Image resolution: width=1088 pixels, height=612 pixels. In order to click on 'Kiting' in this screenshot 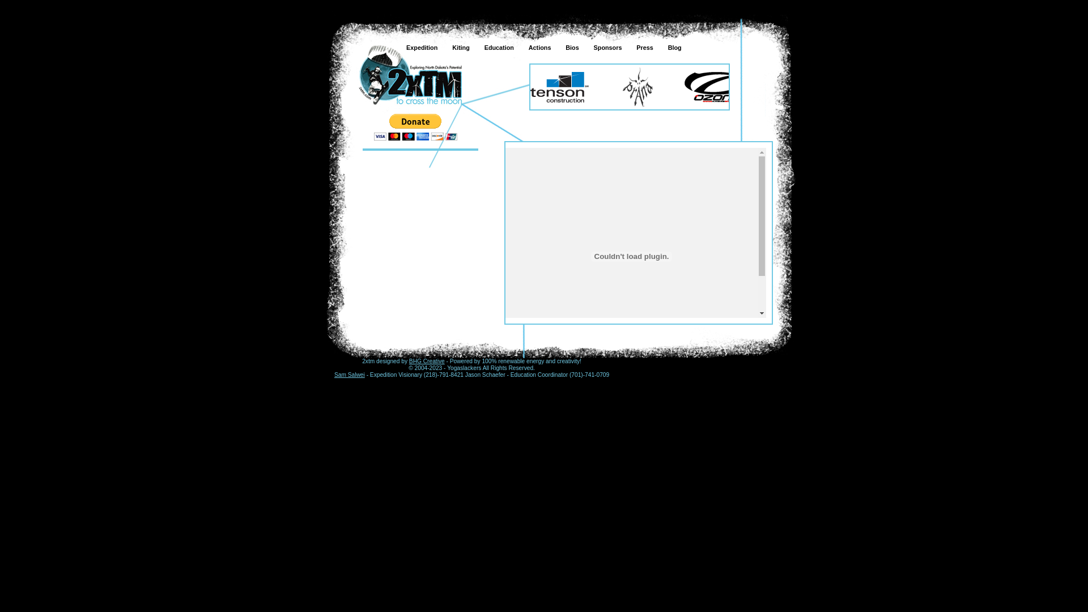, I will do `click(460, 47)`.